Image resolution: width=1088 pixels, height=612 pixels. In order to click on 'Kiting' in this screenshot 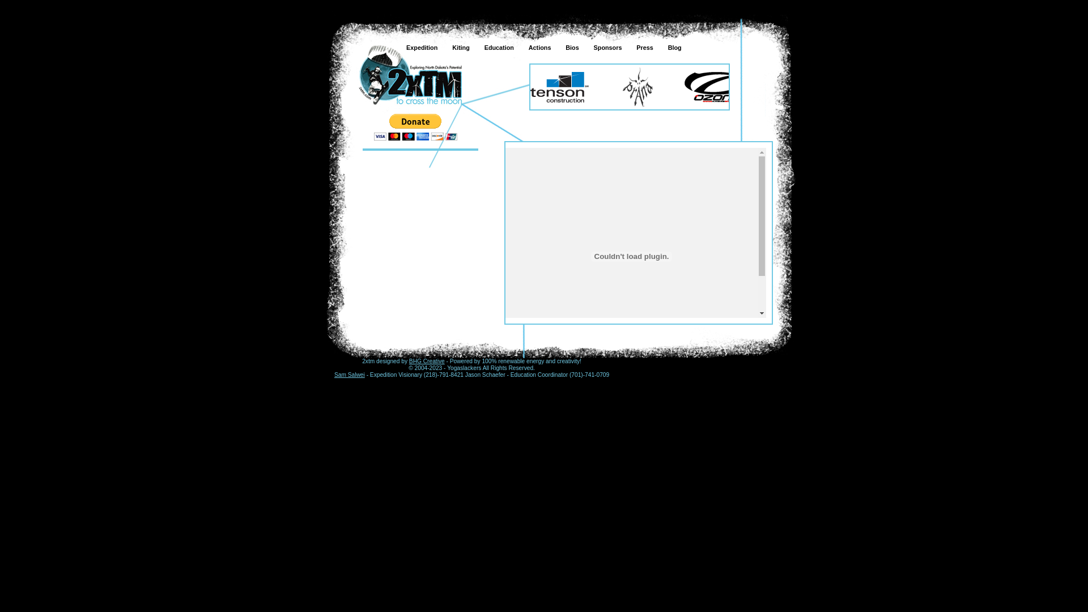, I will do `click(460, 47)`.